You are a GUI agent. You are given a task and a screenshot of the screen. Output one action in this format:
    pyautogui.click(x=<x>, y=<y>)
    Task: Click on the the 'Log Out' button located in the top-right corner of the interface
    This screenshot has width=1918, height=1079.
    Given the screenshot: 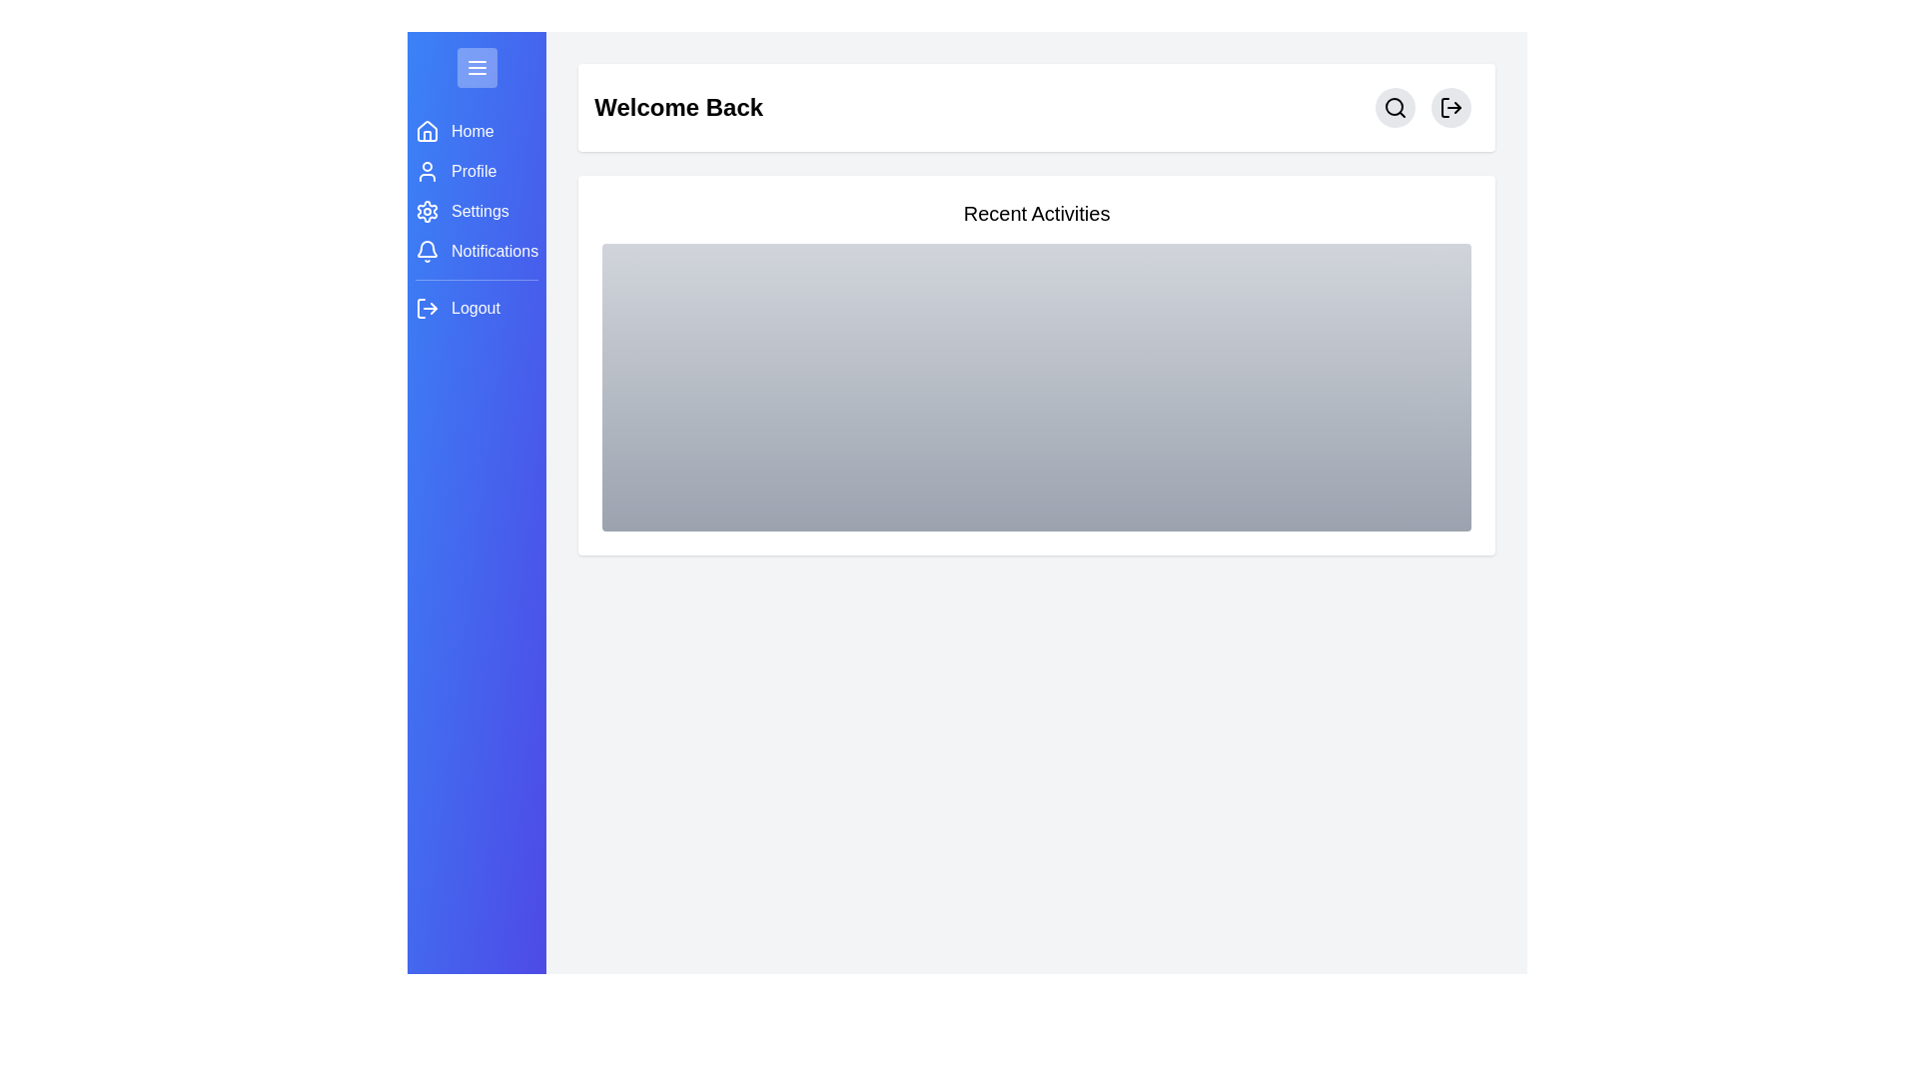 What is the action you would take?
    pyautogui.click(x=1451, y=108)
    